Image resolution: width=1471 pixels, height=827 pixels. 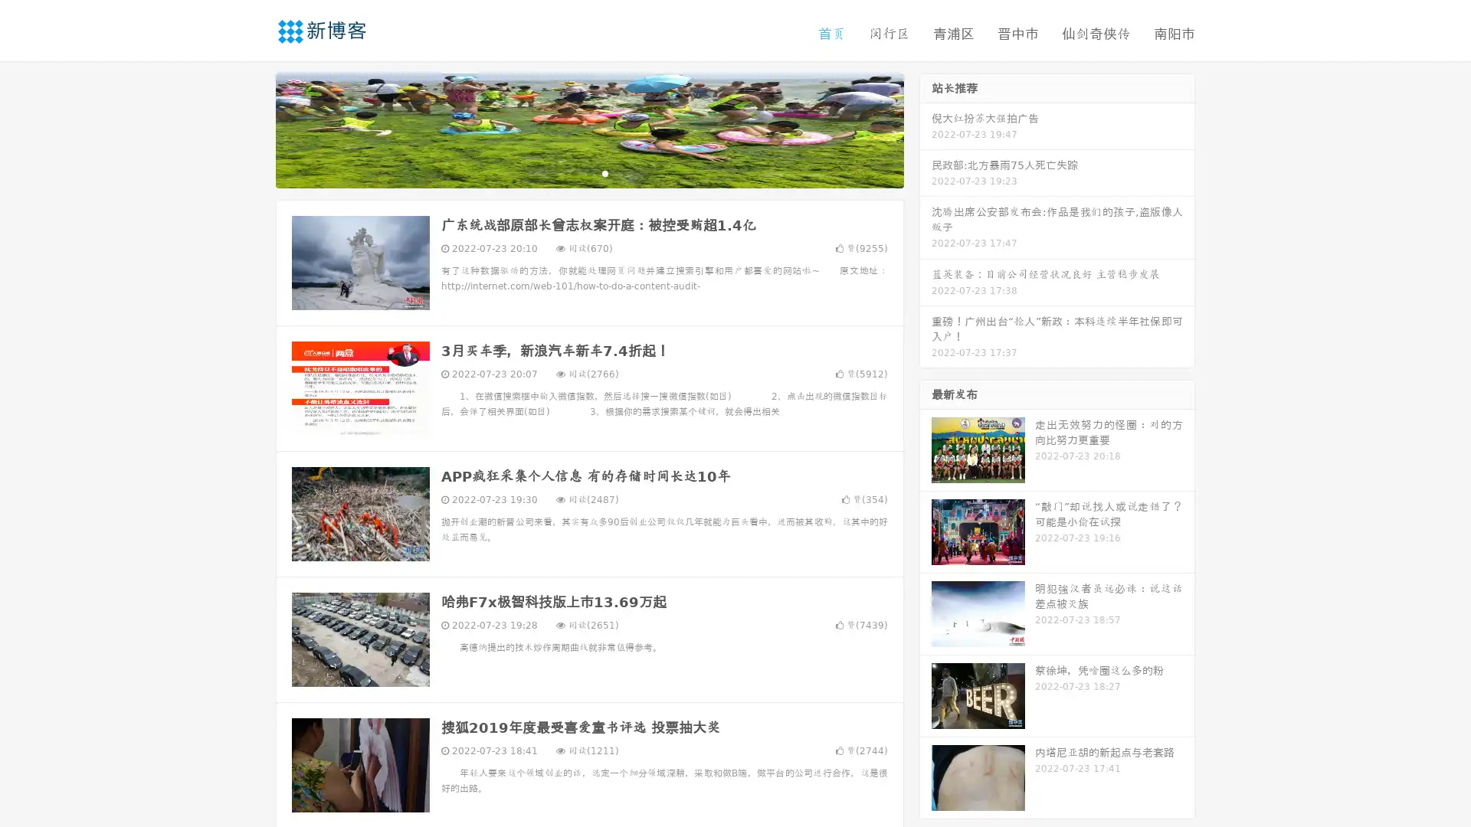 I want to click on Go to slide 2, so click(x=588, y=172).